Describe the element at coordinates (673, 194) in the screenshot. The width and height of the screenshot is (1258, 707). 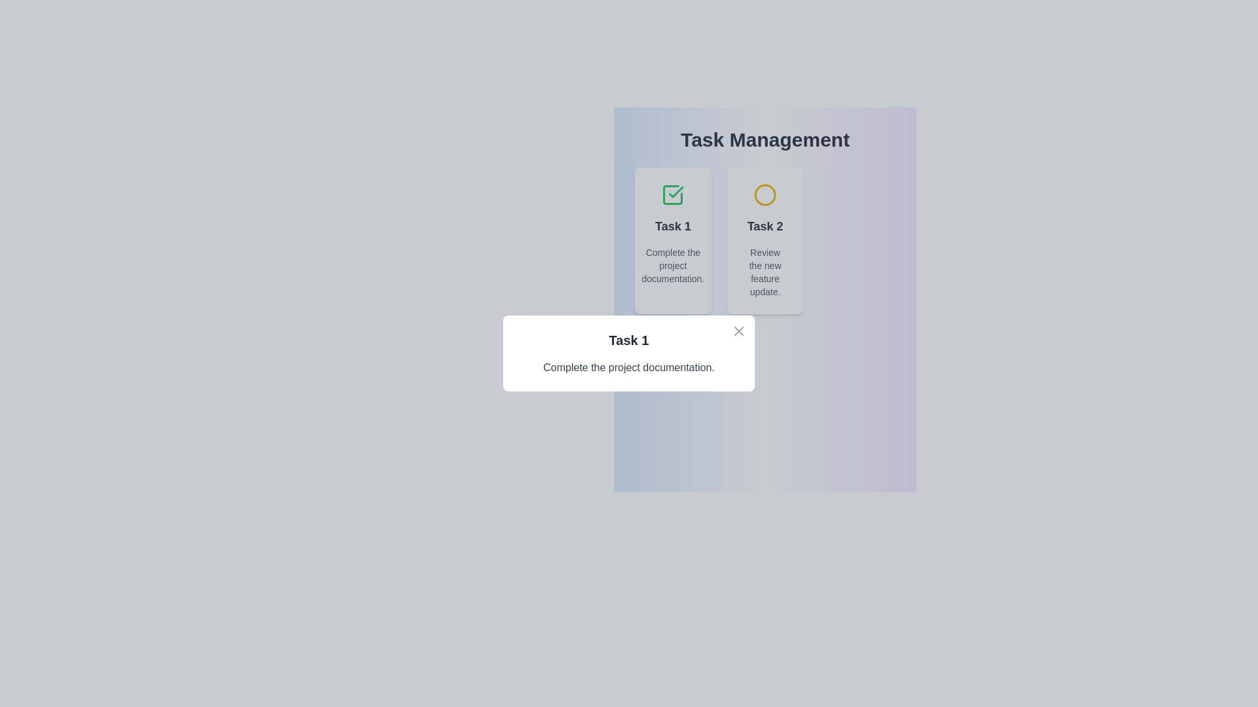
I see `the appearance of the green checkmark icon located at the upper-left corner of the first card under the 'Task Management' heading, above 'Task 1' and its description` at that location.